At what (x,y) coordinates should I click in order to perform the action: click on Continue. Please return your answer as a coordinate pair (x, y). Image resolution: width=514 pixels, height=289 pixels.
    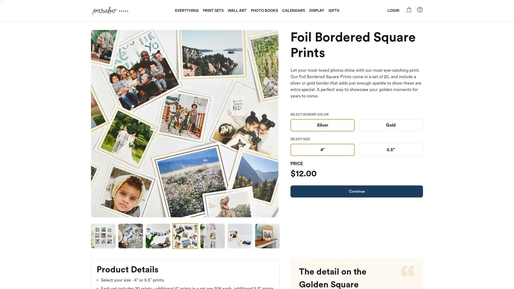
    Looking at the image, I should click on (357, 191).